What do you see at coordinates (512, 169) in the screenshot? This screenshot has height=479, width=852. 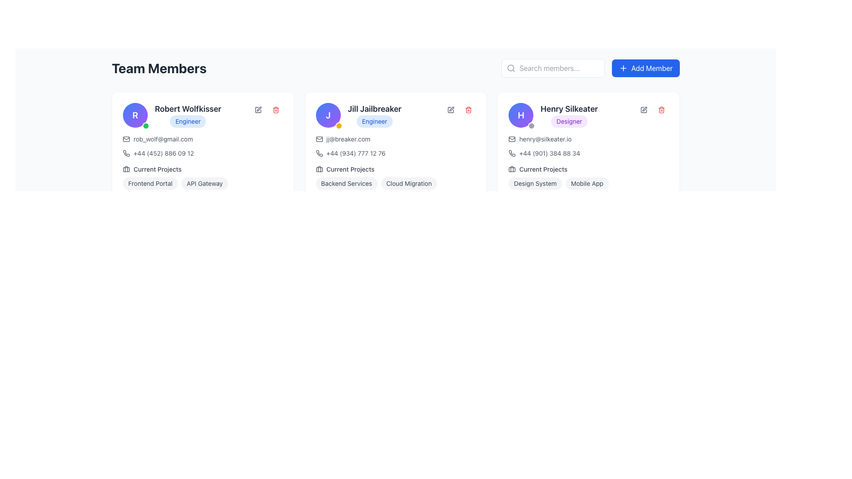 I see `the vertical line segment of the briefcase handle in the SVG graphic representing user 'Henry Silkeater's' information` at bounding box center [512, 169].